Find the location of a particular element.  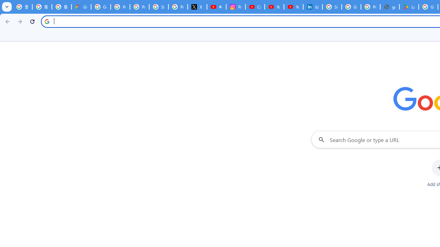

'Sign in - Google Accounts' is located at coordinates (332, 7).